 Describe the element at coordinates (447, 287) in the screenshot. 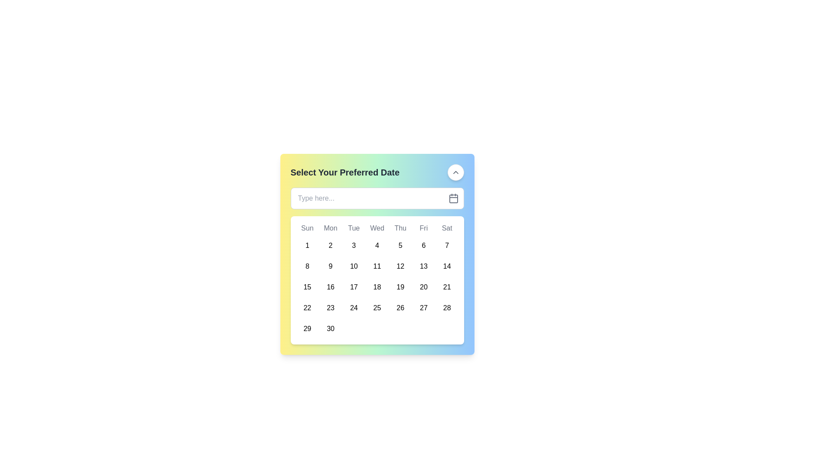

I see `the button for the date '21'` at that location.